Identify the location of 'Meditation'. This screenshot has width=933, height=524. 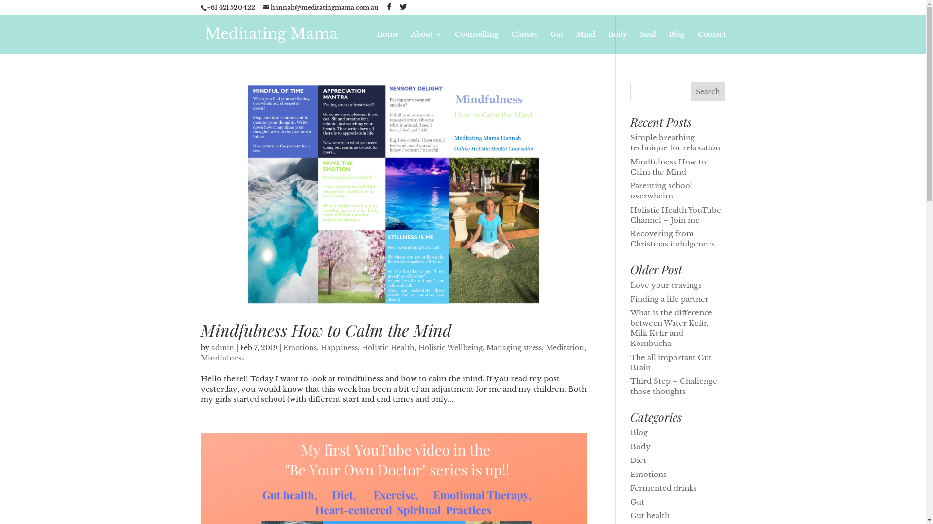
(564, 347).